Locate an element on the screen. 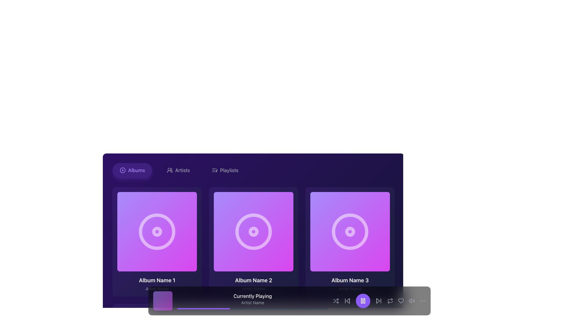  the album cover element, which is a square region with a gradient from violet to fuchsia and contains a circular disc icon is located at coordinates (157, 231).